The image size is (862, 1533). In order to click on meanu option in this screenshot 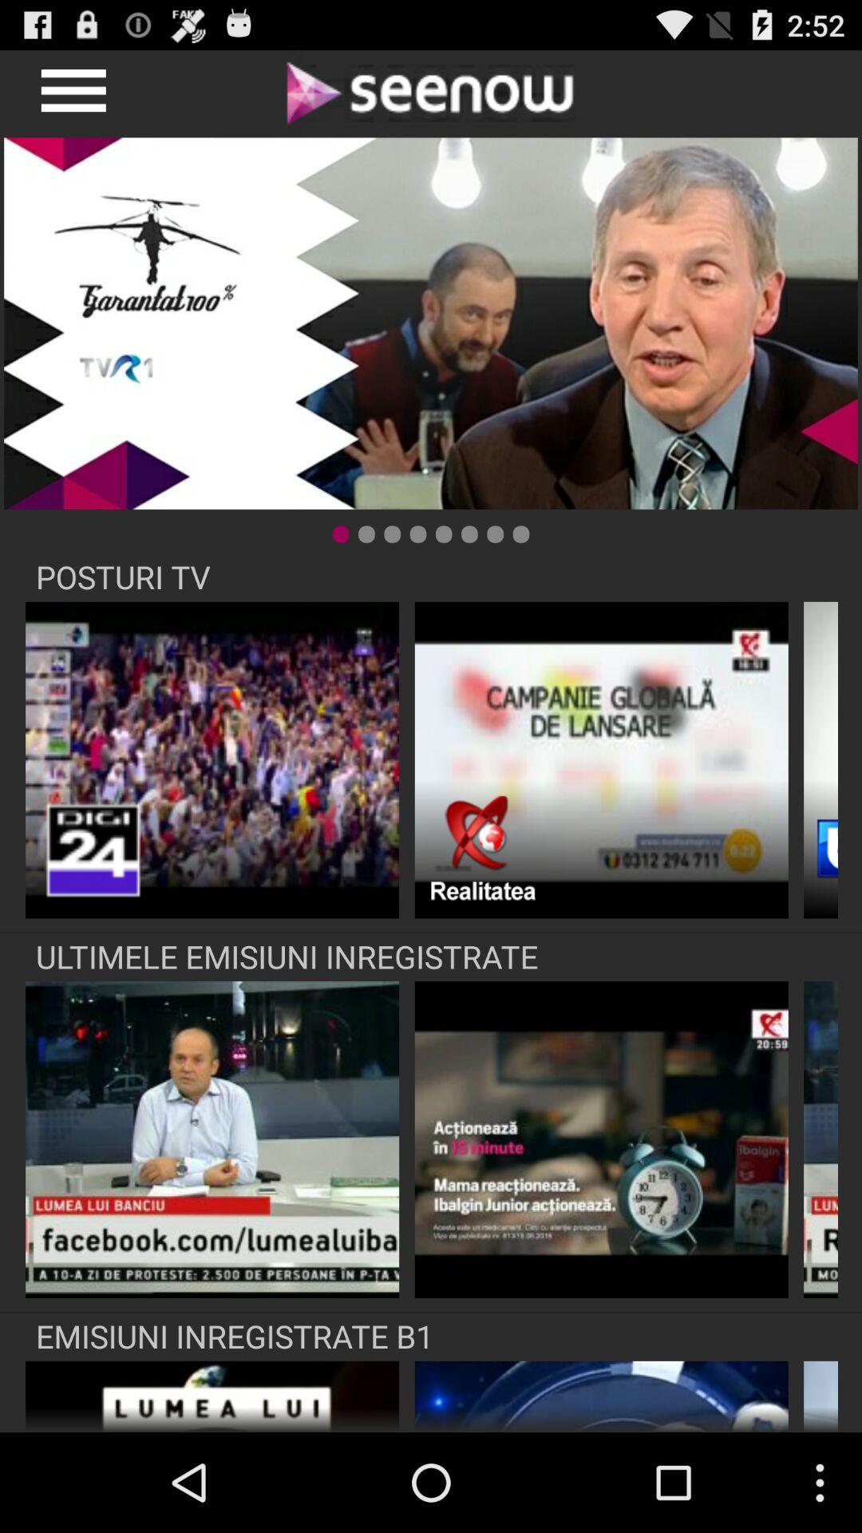, I will do `click(70, 91)`.